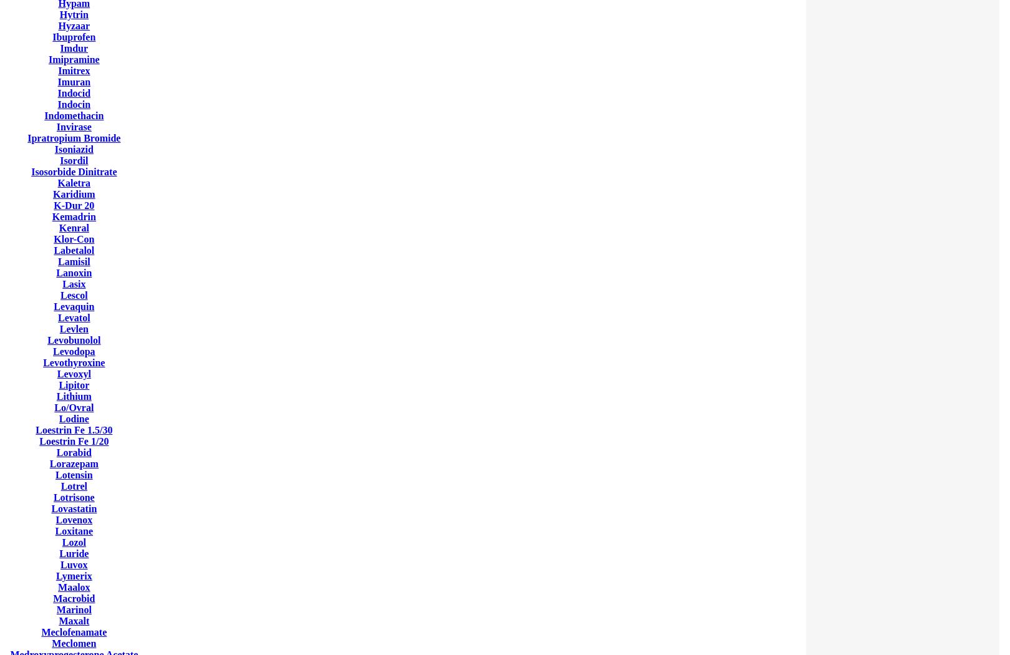 The width and height of the screenshot is (1010, 655). What do you see at coordinates (31, 171) in the screenshot?
I see `'Isosorbide Dinitrate'` at bounding box center [31, 171].